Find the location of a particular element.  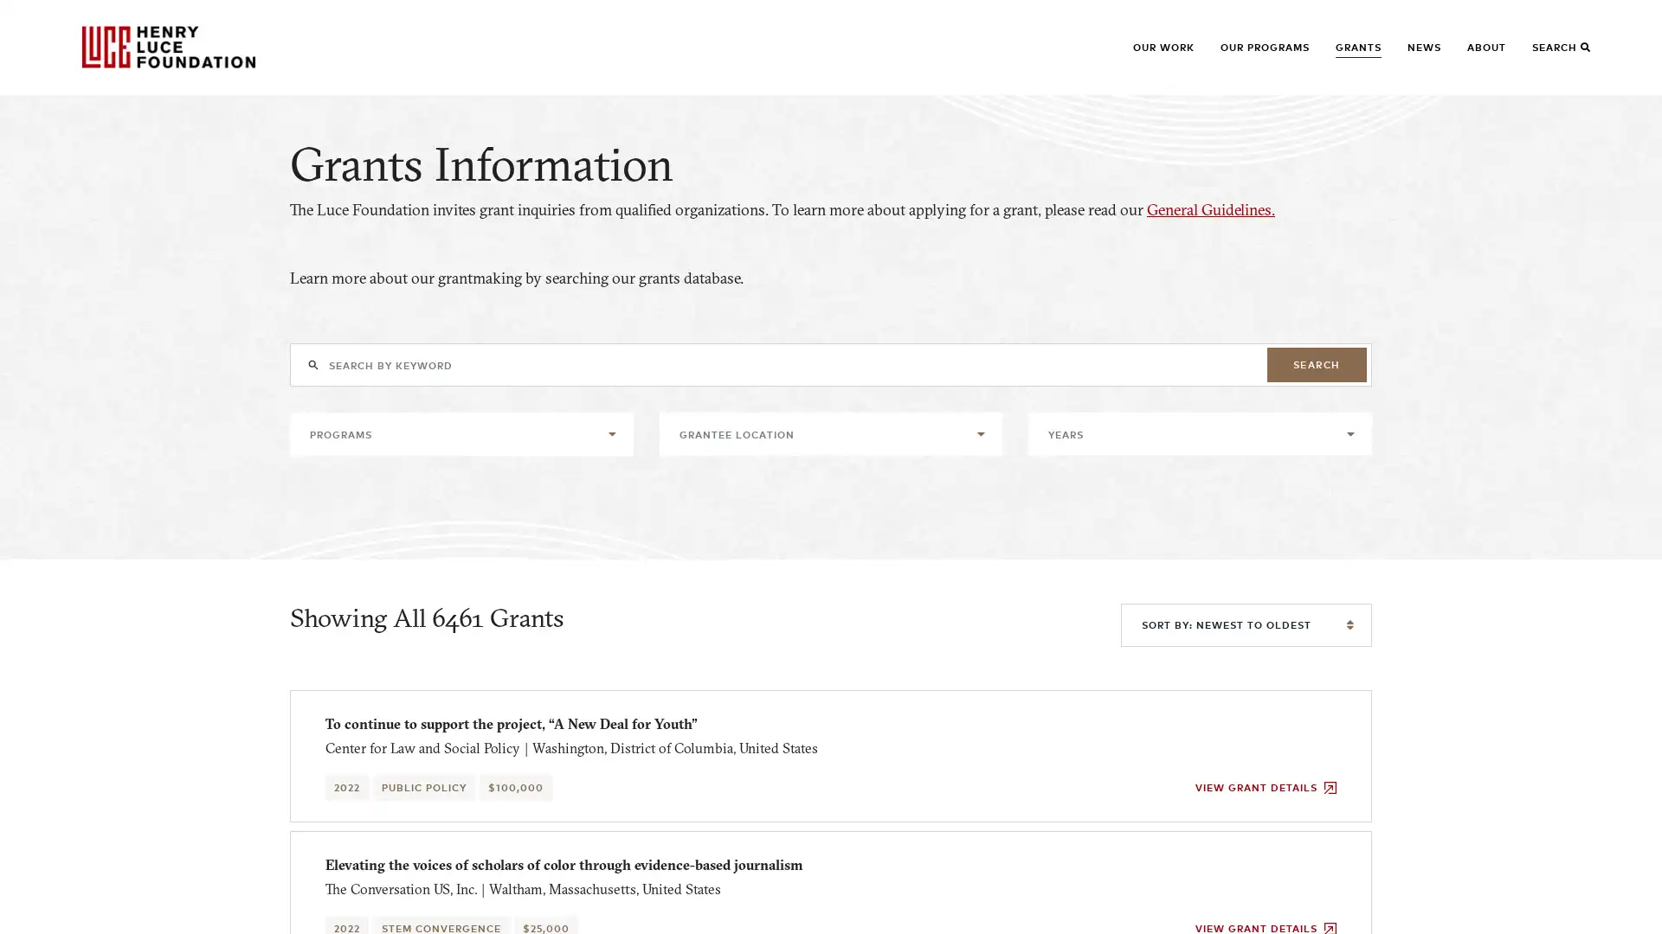

SHOW SUBMENU FOR ABOUT is located at coordinates (1494, 54).